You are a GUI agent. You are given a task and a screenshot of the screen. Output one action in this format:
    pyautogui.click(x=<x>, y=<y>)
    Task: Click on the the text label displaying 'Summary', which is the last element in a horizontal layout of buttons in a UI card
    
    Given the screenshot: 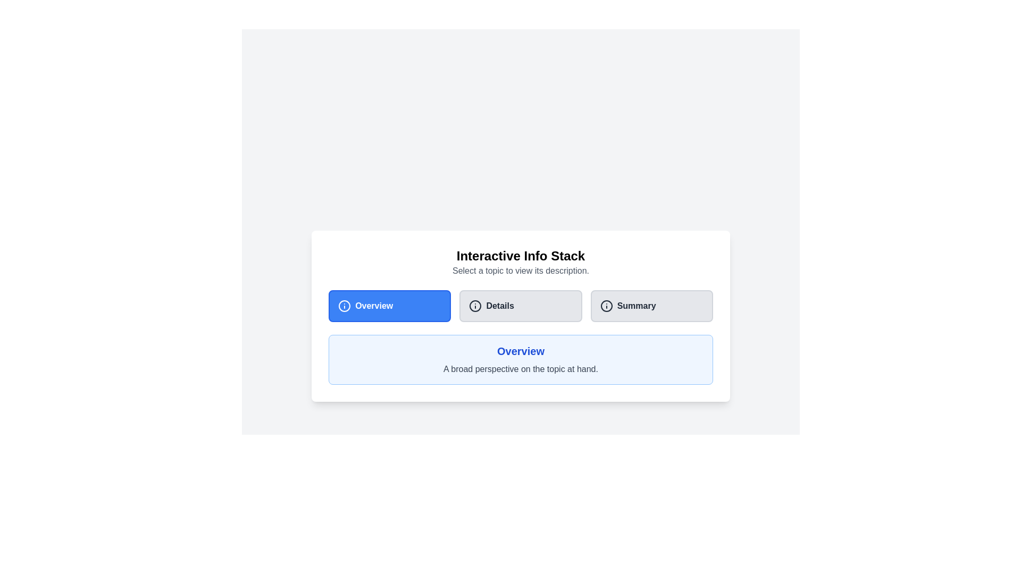 What is the action you would take?
    pyautogui.click(x=637, y=306)
    